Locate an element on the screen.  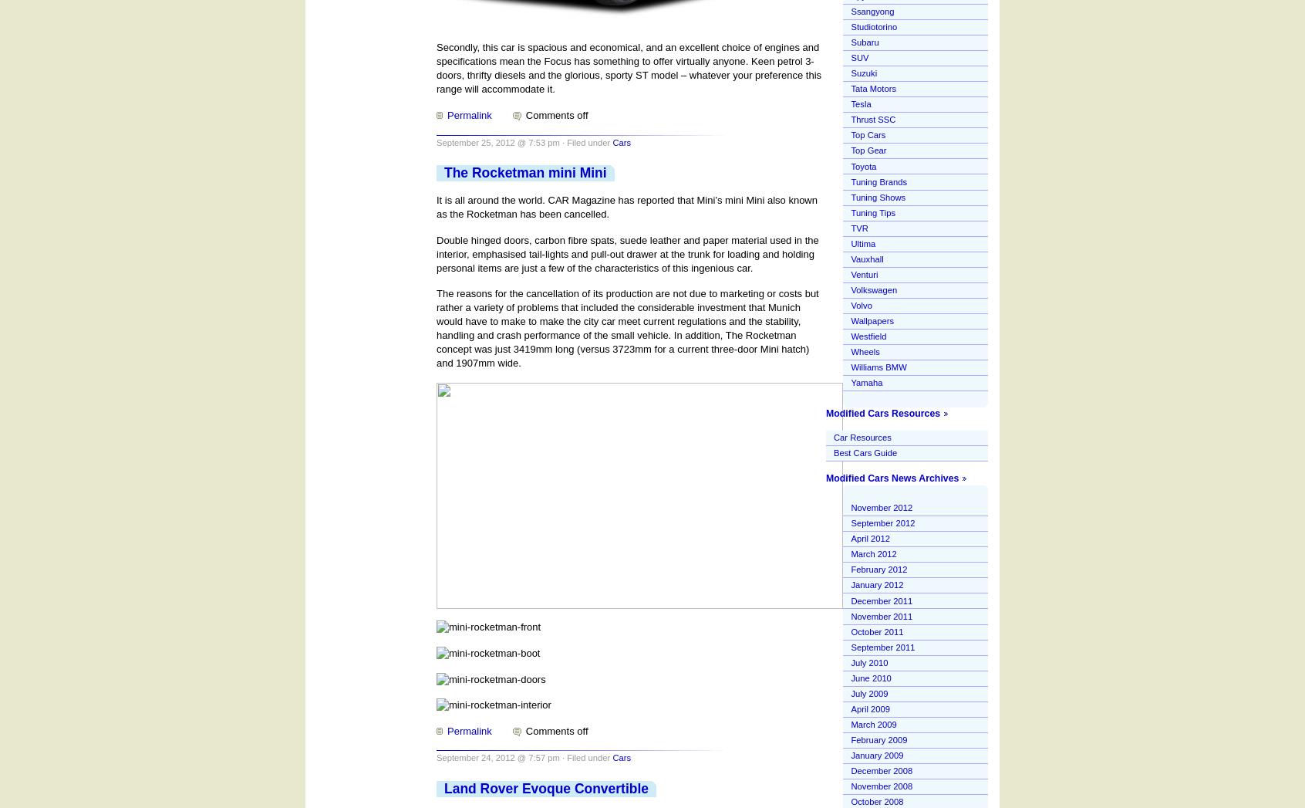
'Ssangyong' is located at coordinates (851, 10).